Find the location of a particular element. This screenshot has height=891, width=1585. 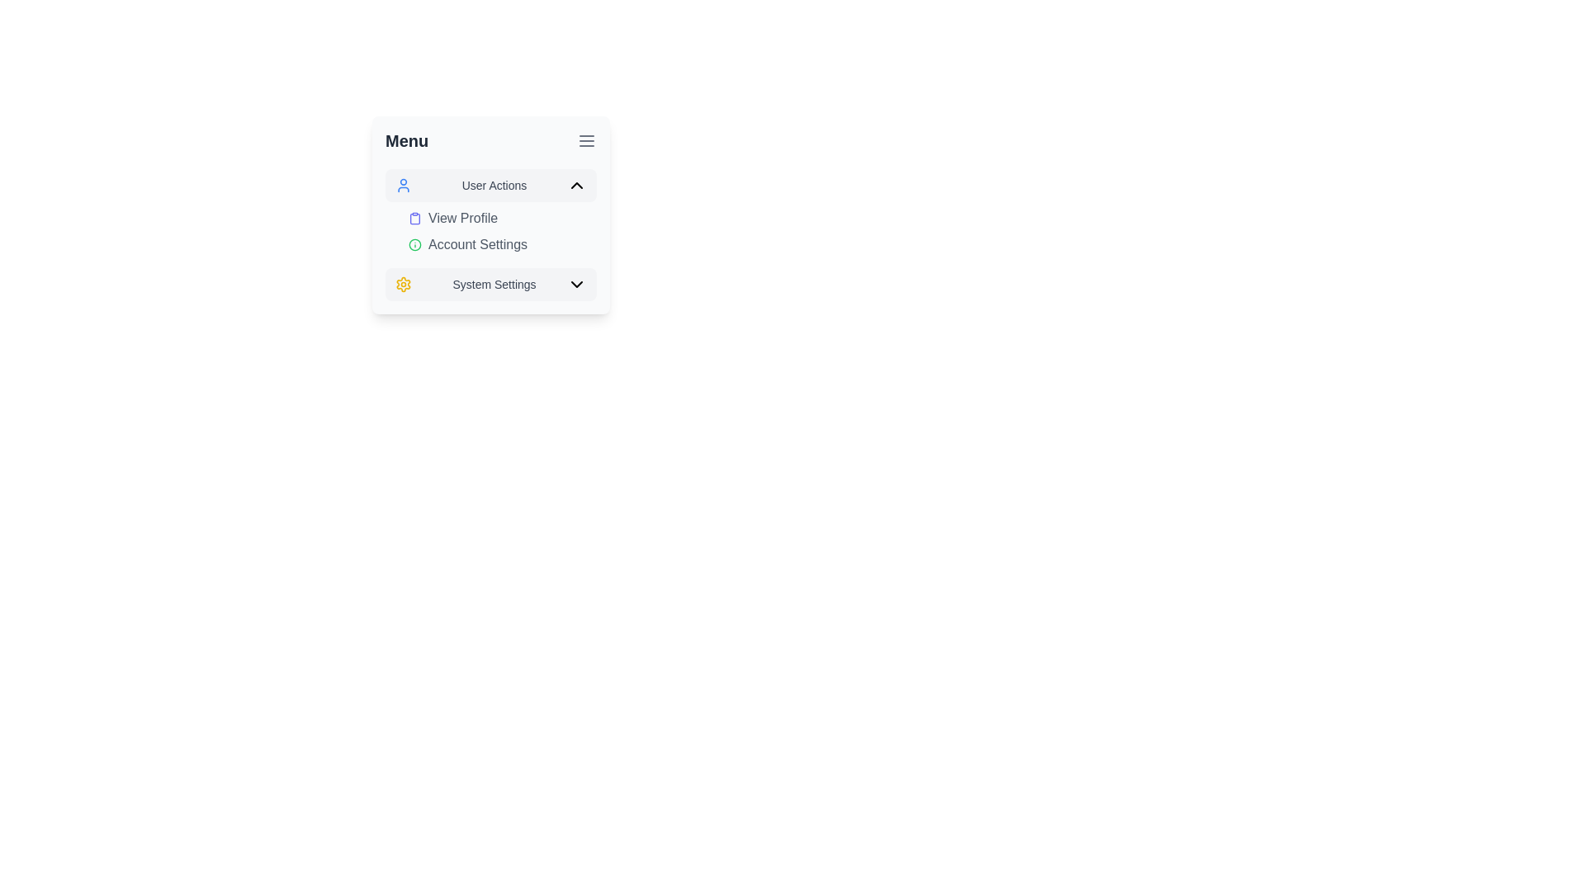

the yellow cogwheel icon associated with 'System Settings' in the menu is located at coordinates (404, 283).